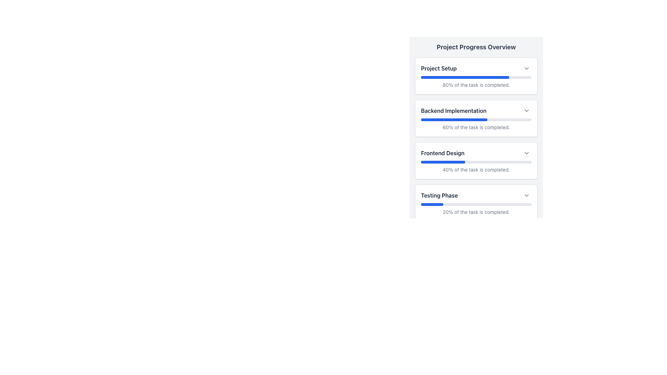 Image resolution: width=667 pixels, height=375 pixels. Describe the element at coordinates (454, 110) in the screenshot. I see `the text label element that displays 'Backend Implementation', which is styled in a medium-sized bold font and is dark gray in color, positioned prominently within the progress overview section` at that location.